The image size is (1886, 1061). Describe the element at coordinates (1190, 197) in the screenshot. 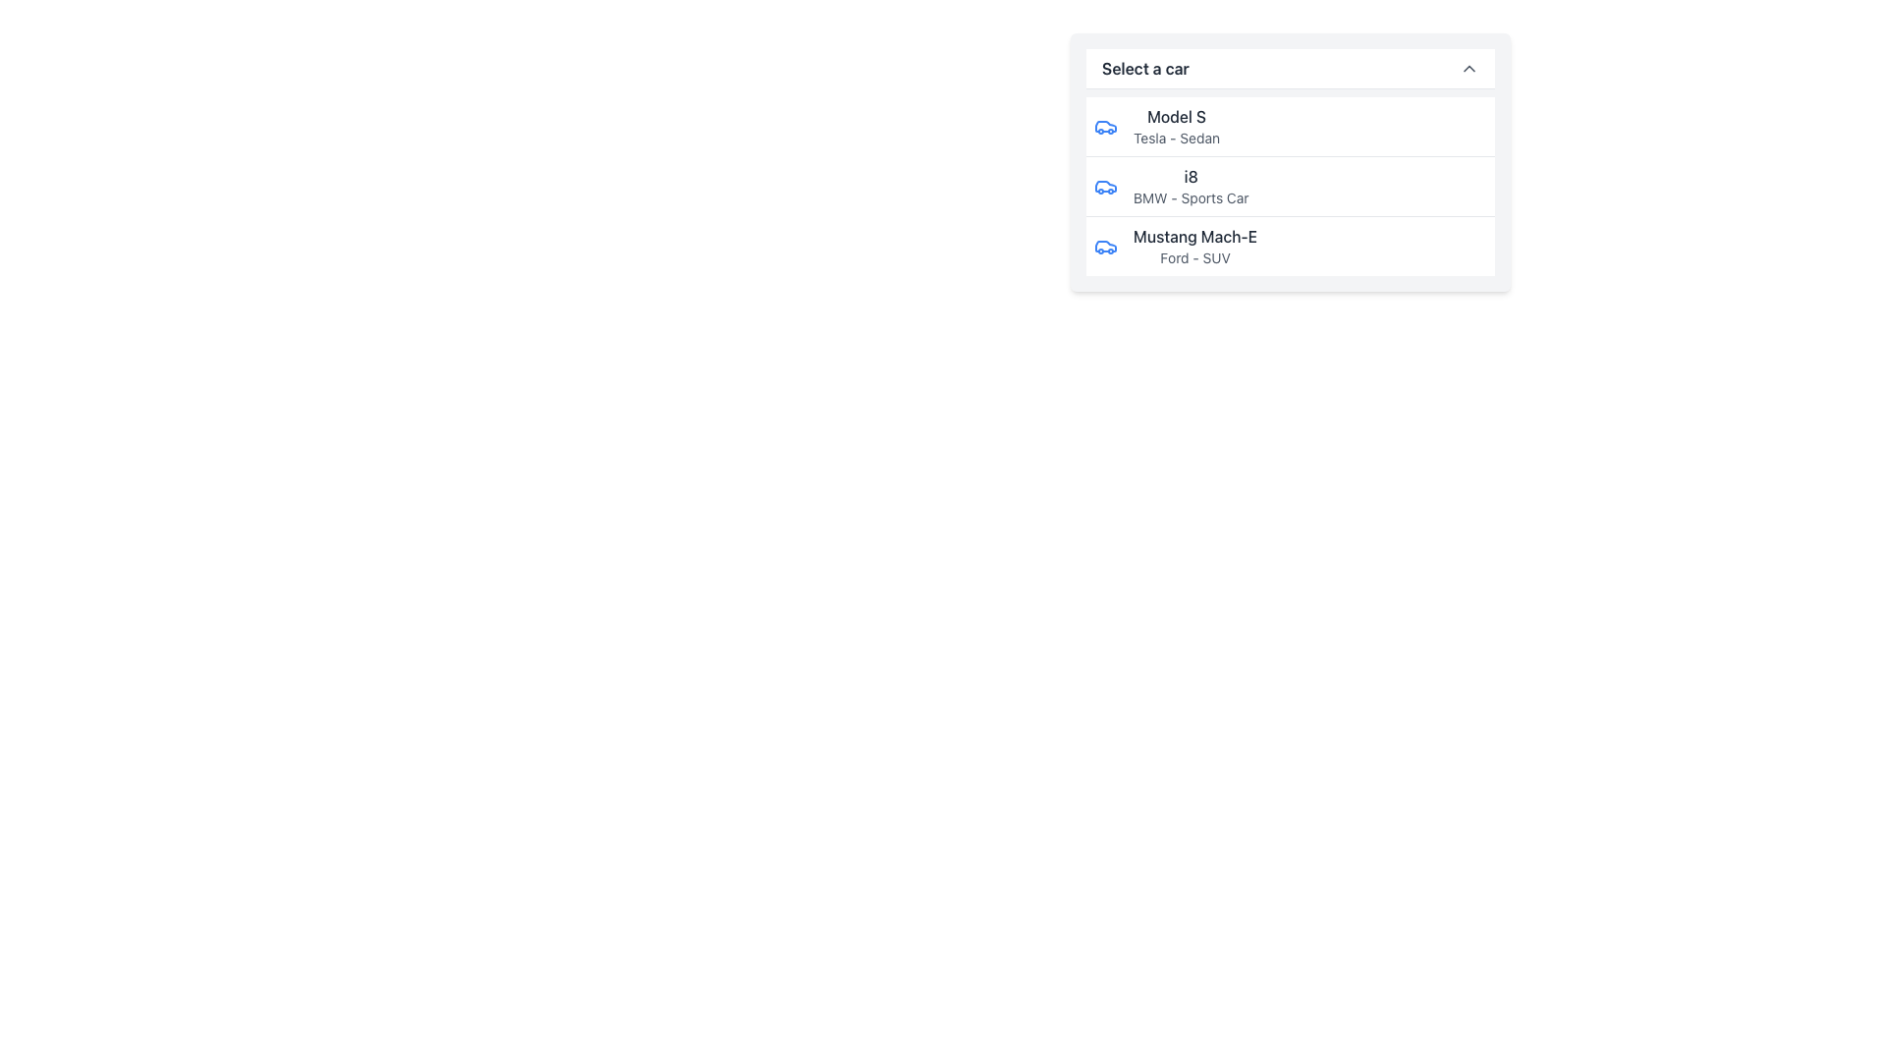

I see `the Text Label element reading 'BMW - Sports Car' located below the bold 'i8' label in the car selection dropdown` at that location.